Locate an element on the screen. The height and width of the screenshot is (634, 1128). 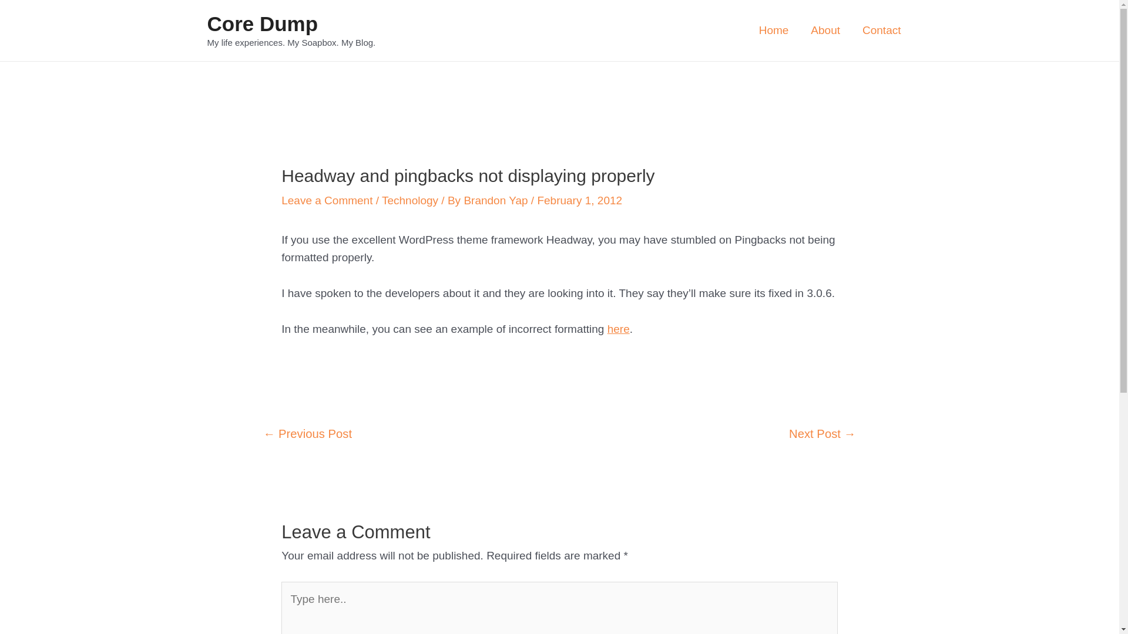
'Contact' is located at coordinates (881, 29).